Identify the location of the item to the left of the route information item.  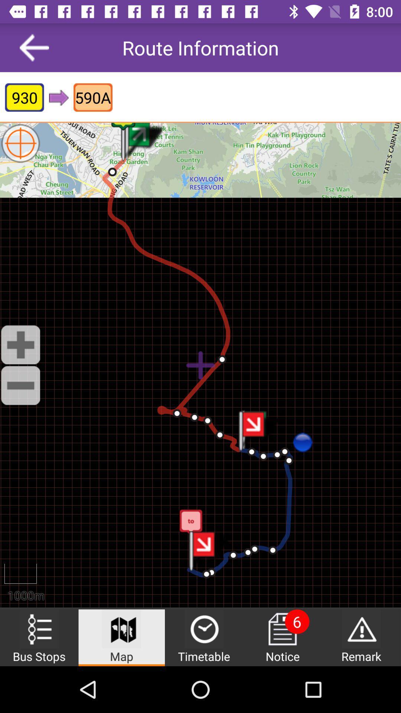
(34, 47).